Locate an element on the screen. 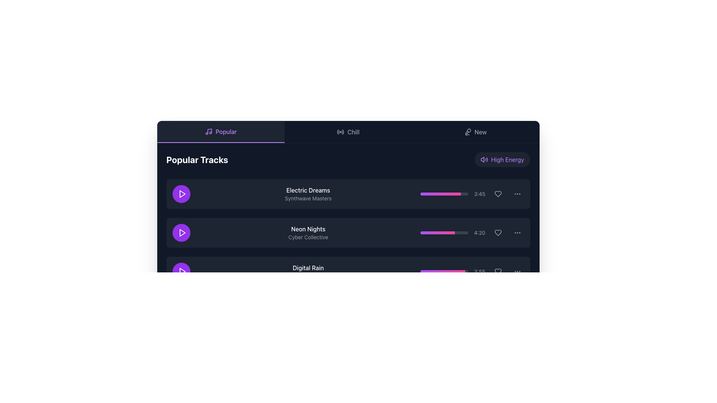 This screenshot has height=403, width=717. the circular button located next to the text 'Electric Dreams' in the 'Popular Tracks' list is located at coordinates (182, 194).